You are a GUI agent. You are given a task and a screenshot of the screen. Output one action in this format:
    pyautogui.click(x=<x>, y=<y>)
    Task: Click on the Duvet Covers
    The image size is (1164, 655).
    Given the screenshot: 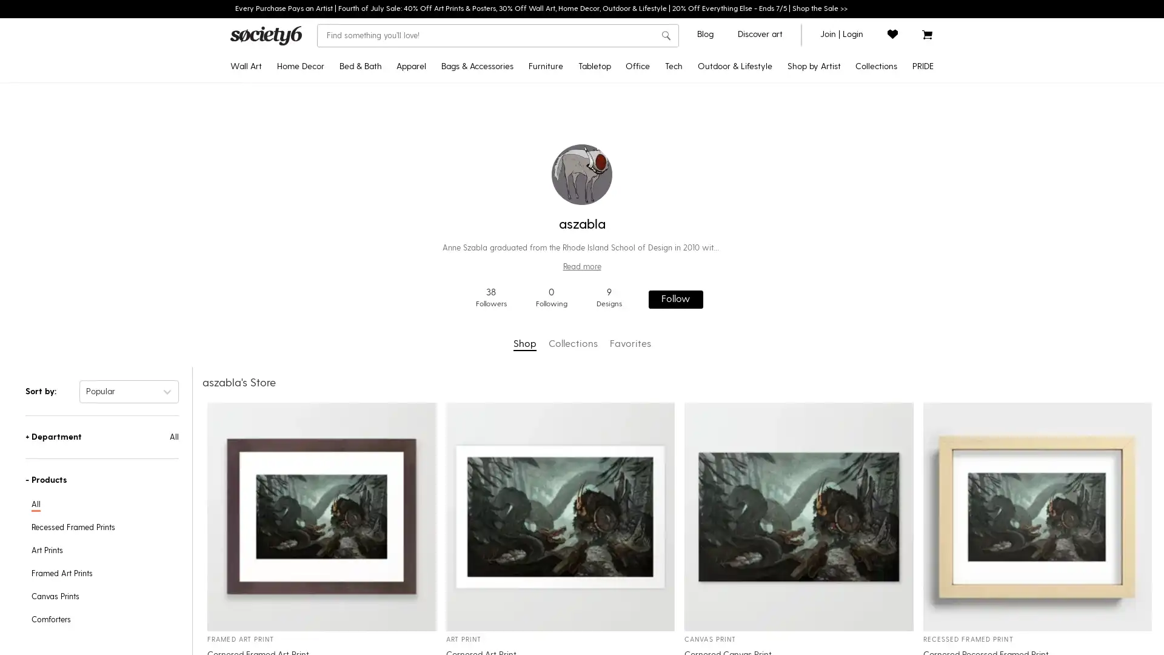 What is the action you would take?
    pyautogui.click(x=386, y=116)
    